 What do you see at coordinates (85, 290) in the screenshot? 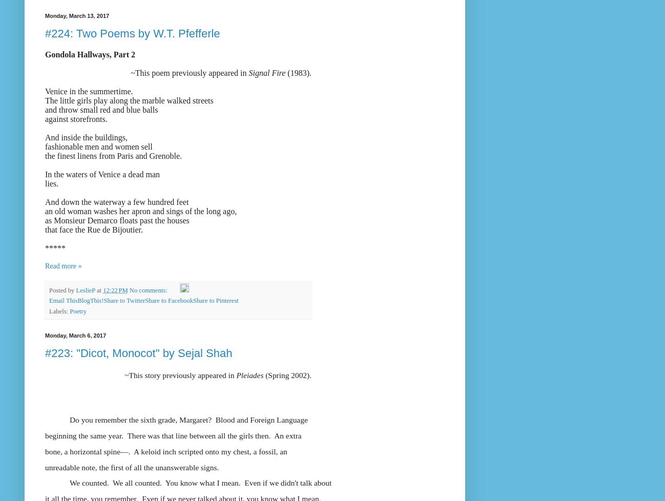
I see `'LeslieP'` at bounding box center [85, 290].